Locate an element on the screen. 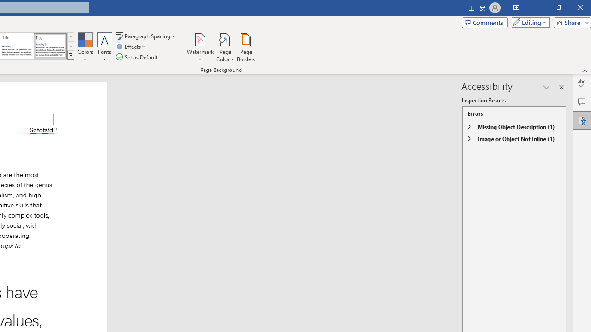 This screenshot has height=332, width=591. 'Colors' is located at coordinates (85, 47).